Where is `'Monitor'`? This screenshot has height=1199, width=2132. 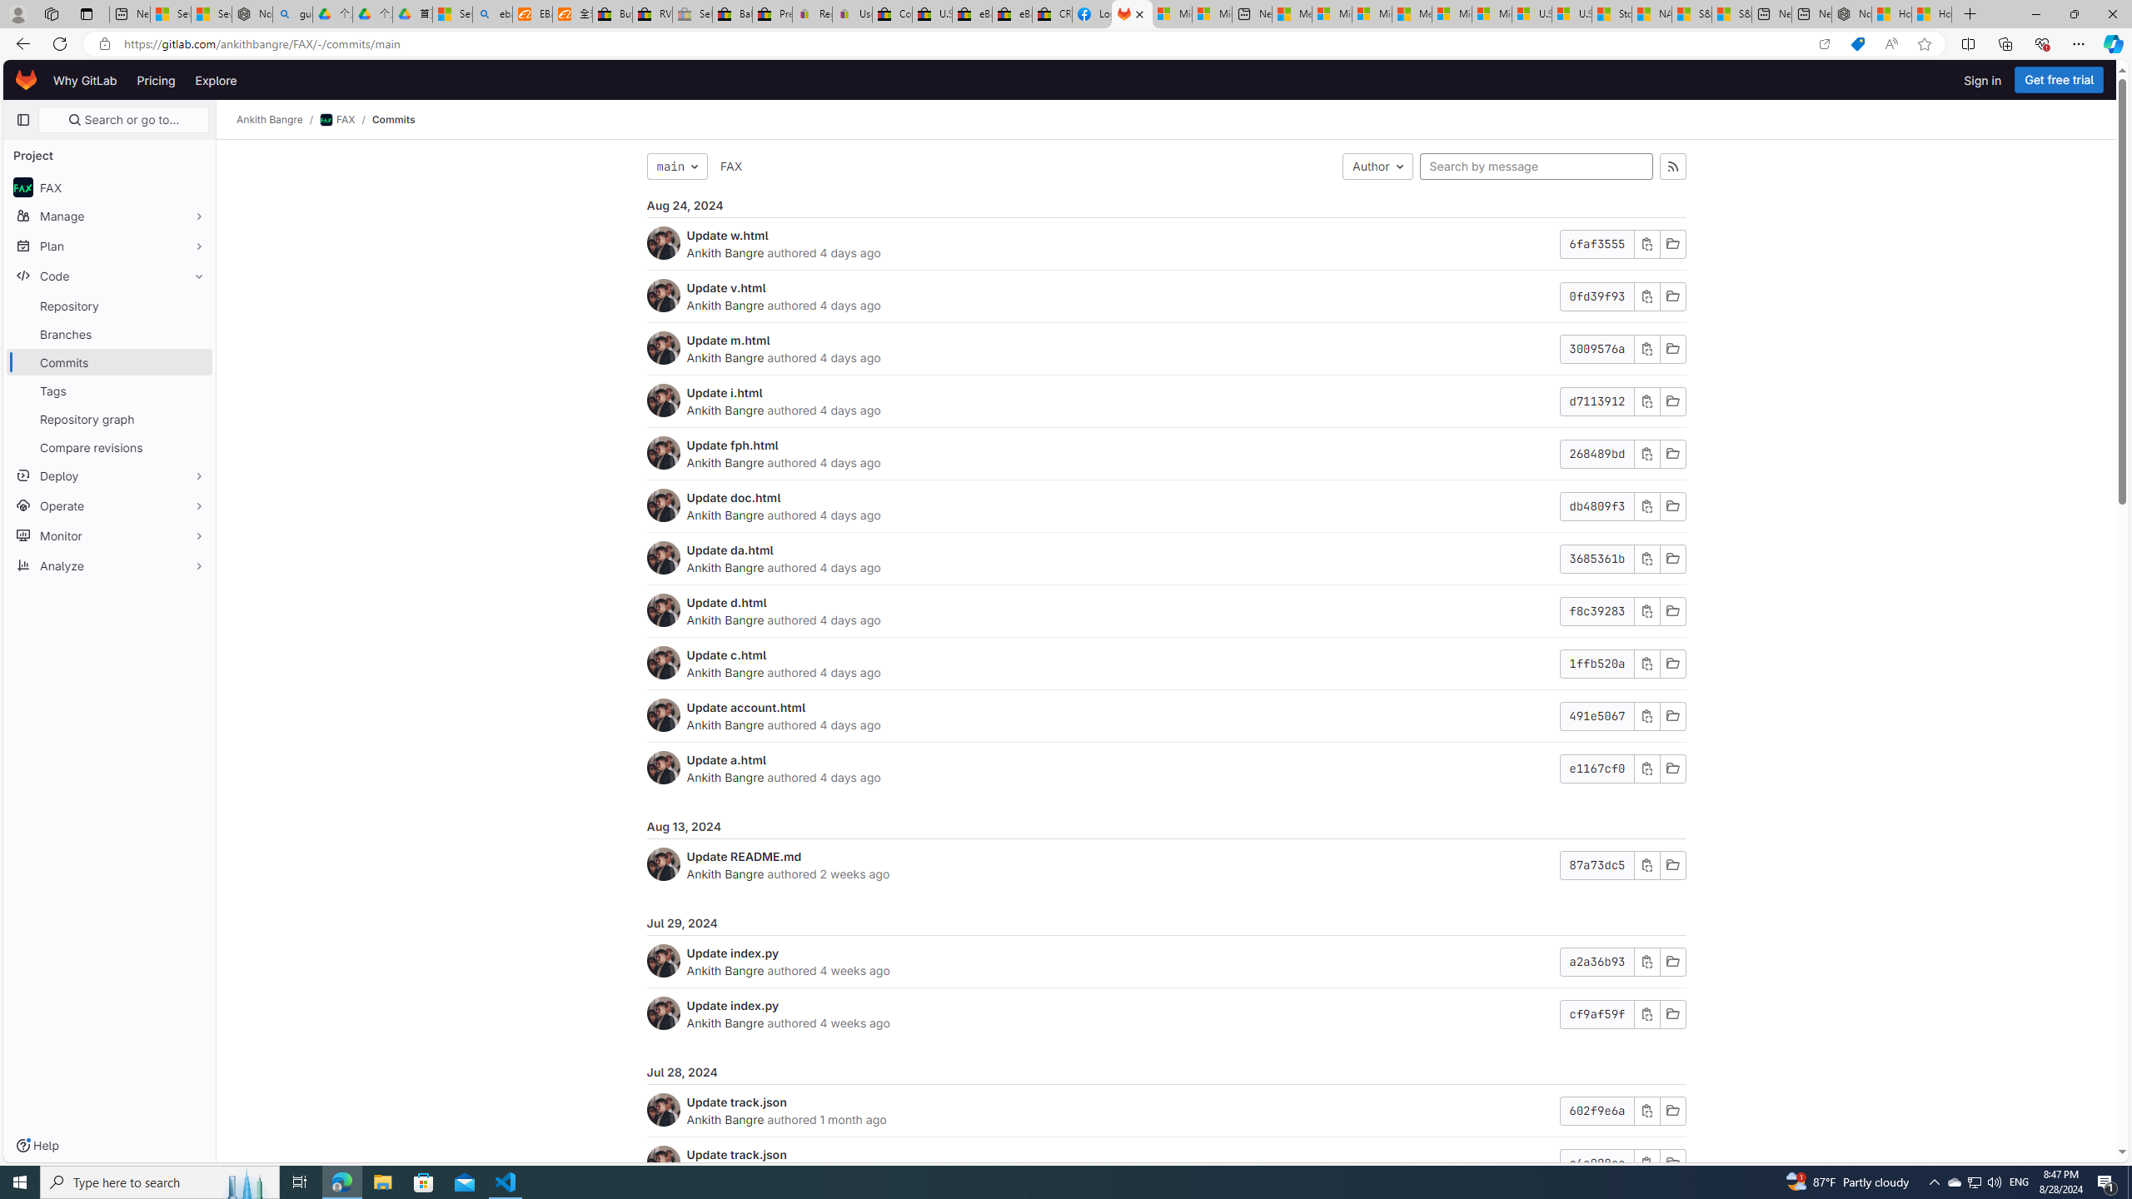 'Monitor' is located at coordinates (108, 535).